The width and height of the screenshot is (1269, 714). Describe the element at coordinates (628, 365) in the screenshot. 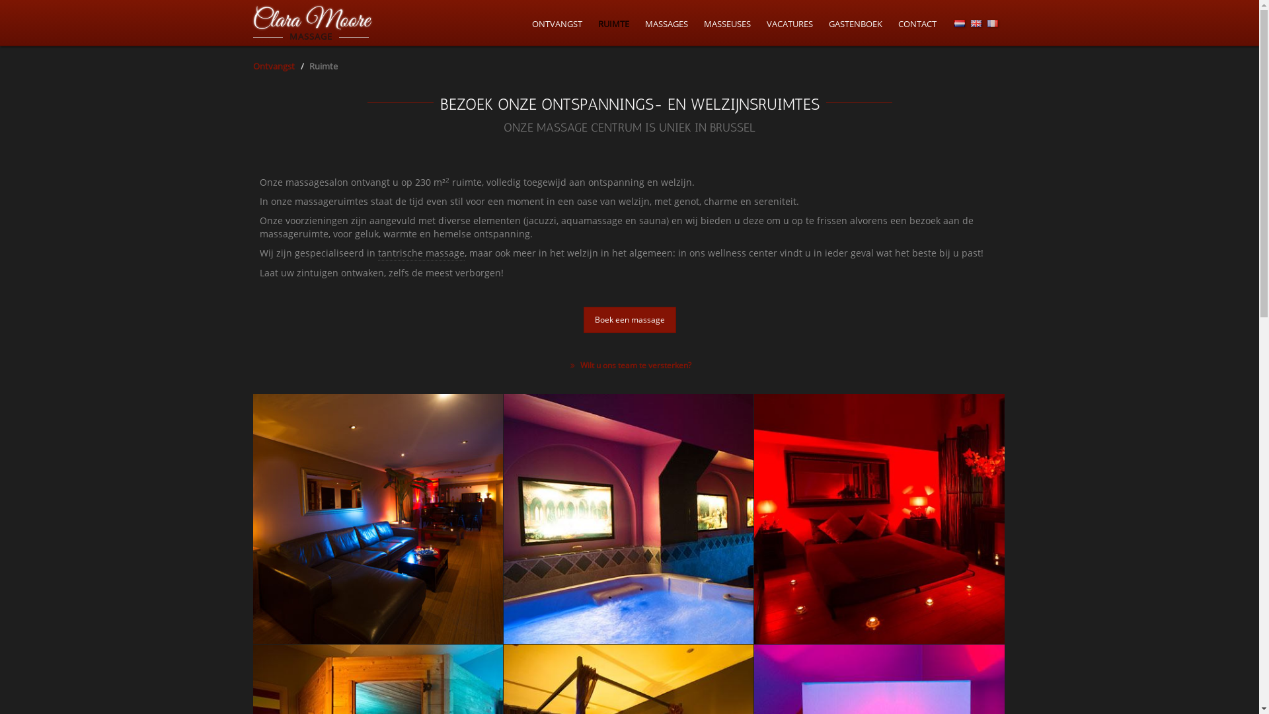

I see `'Wilt u ons team te versterken?'` at that location.